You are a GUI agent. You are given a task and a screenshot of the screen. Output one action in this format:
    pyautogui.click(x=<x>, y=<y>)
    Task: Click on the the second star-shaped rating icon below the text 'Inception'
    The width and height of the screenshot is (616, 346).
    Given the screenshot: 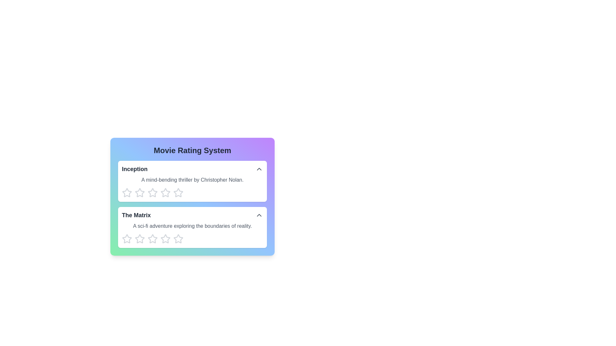 What is the action you would take?
    pyautogui.click(x=152, y=192)
    